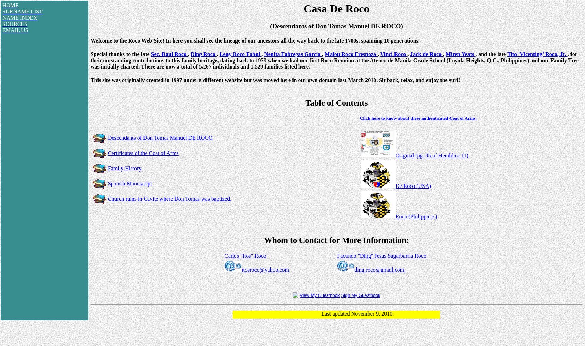  What do you see at coordinates (369, 313) in the screenshot?
I see `'Last updated November 9, 2010.'` at bounding box center [369, 313].